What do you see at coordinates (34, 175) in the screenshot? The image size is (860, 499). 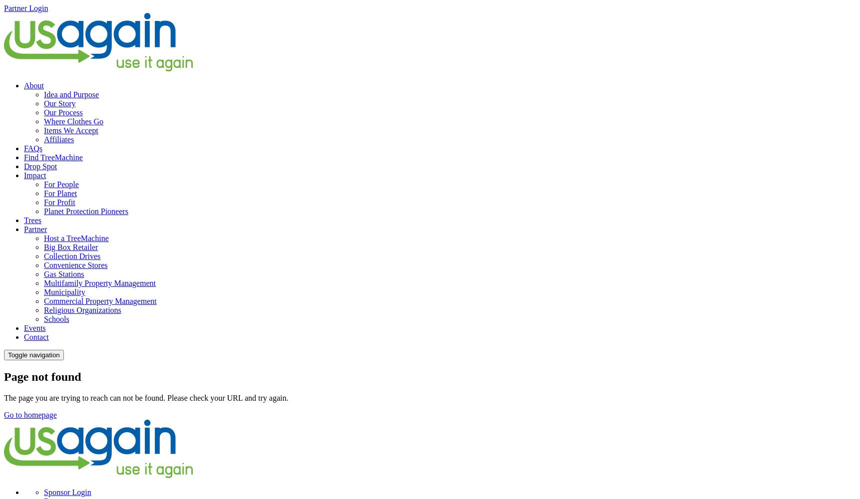 I see `'Impact'` at bounding box center [34, 175].